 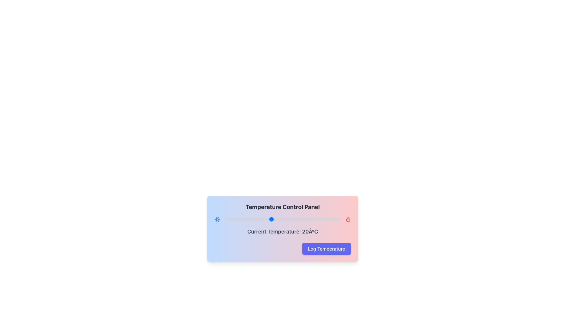 What do you see at coordinates (294, 219) in the screenshot?
I see `the temperature slider` at bounding box center [294, 219].